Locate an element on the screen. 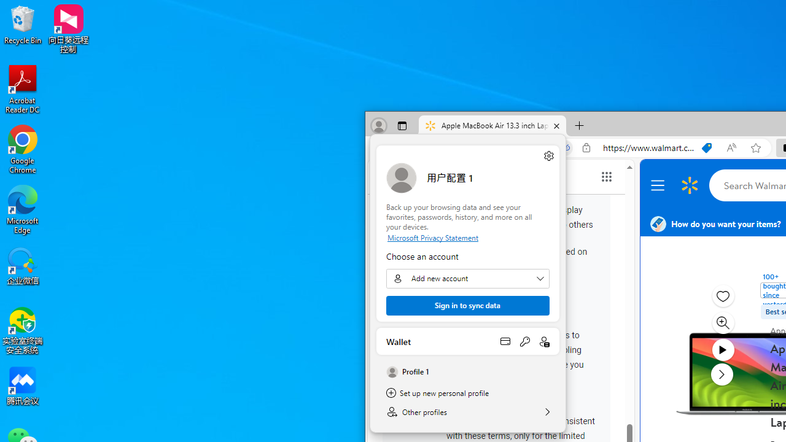  'next media item' is located at coordinates (722, 373).